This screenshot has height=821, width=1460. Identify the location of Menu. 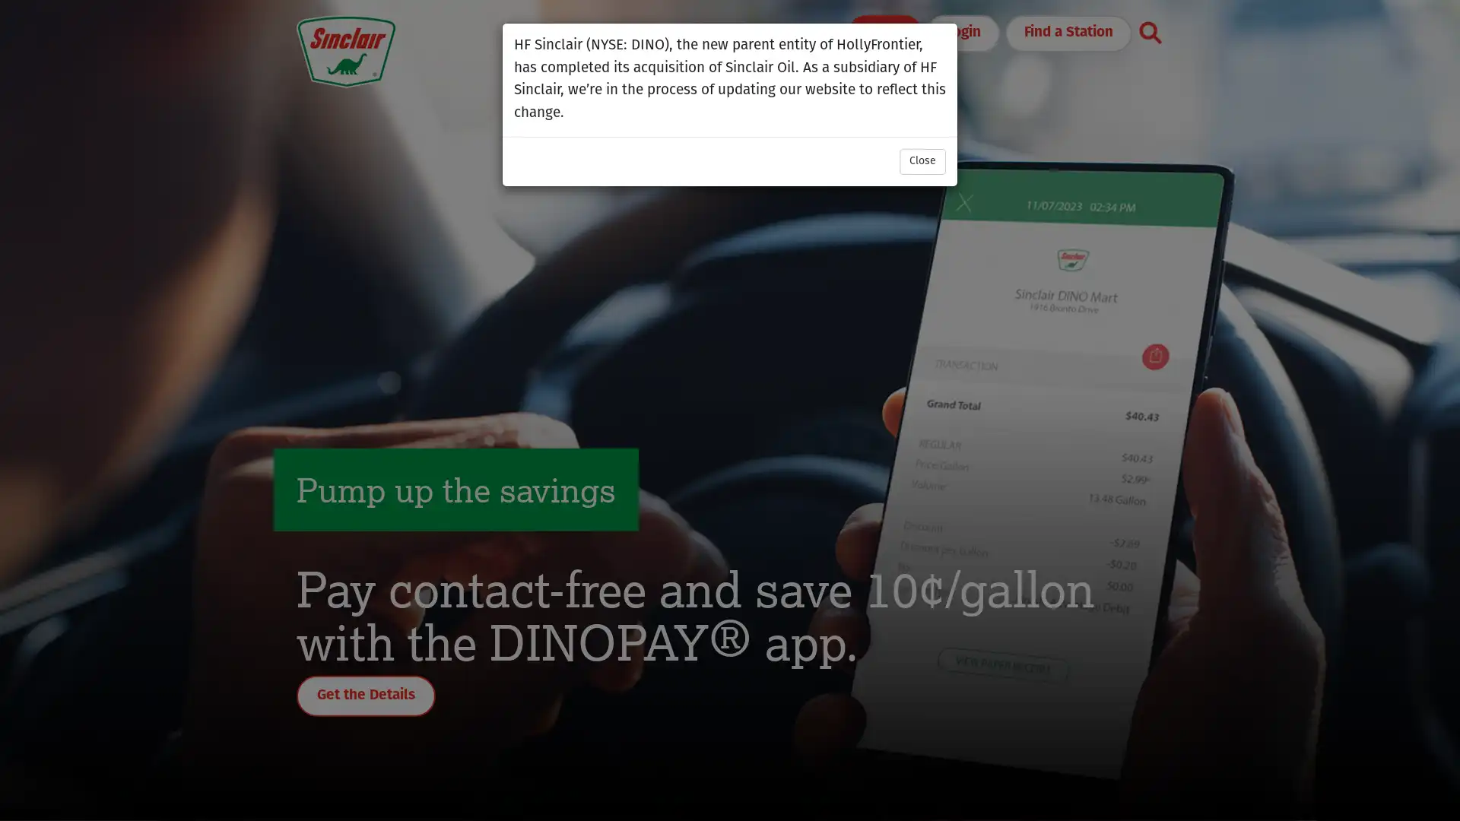
(884, 33).